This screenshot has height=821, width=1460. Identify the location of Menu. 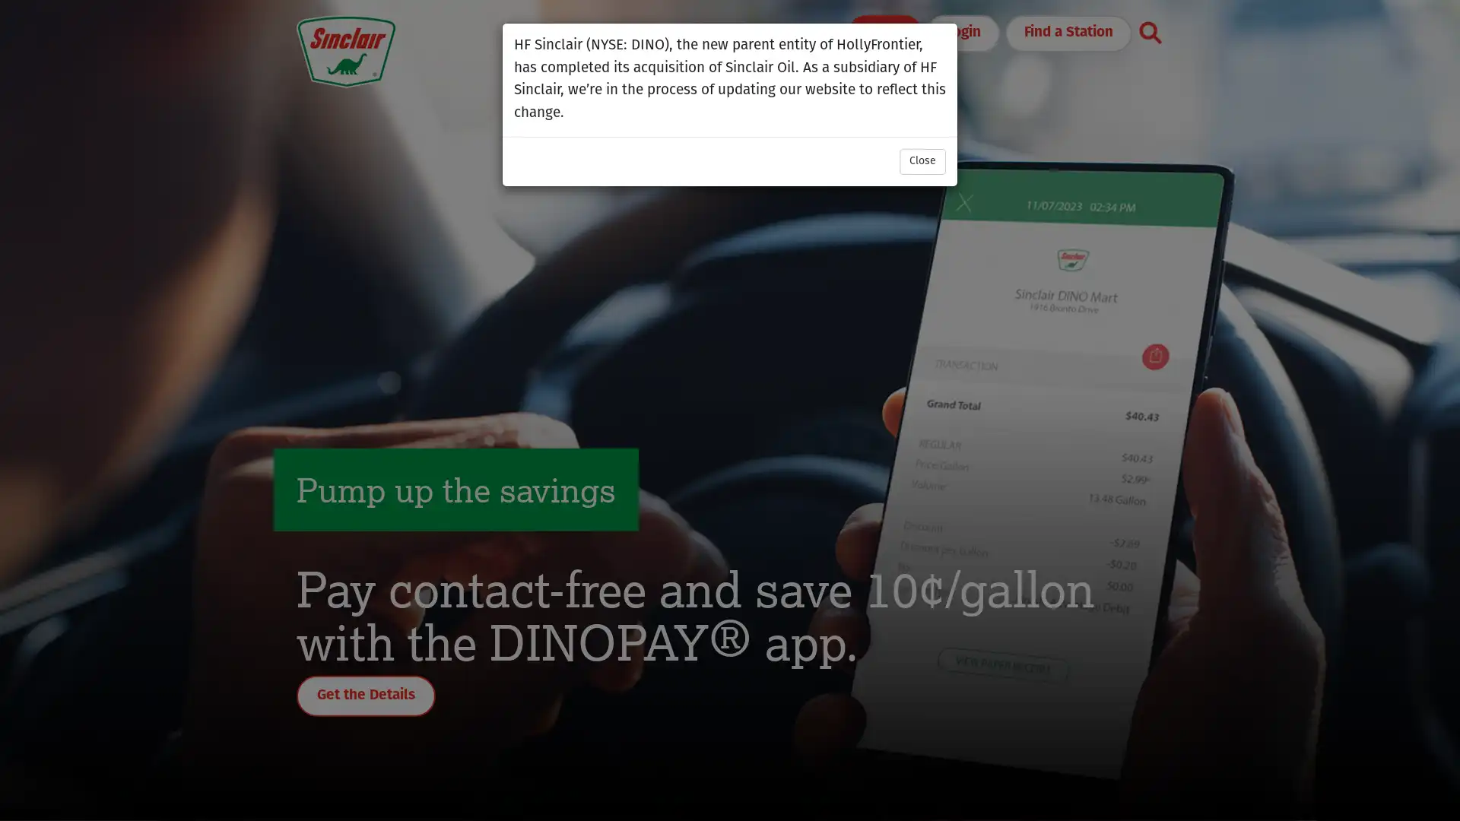
(884, 33).